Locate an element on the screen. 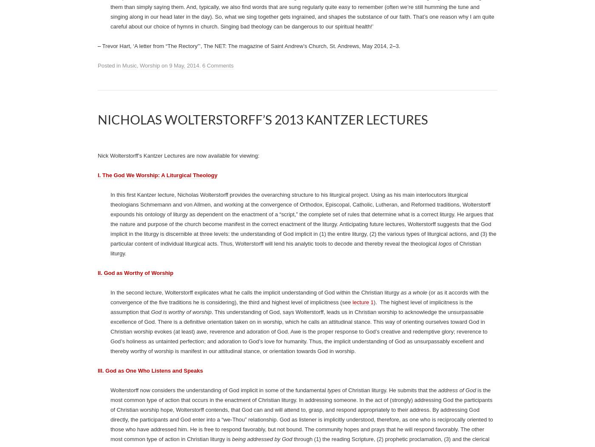  '3.' is located at coordinates (397, 180).